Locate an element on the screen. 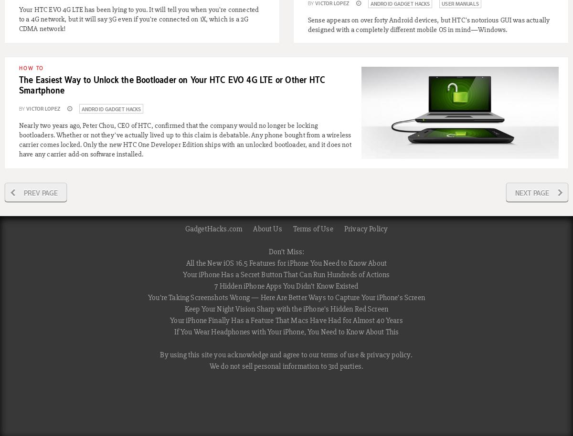  '.' is located at coordinates (411, 354).